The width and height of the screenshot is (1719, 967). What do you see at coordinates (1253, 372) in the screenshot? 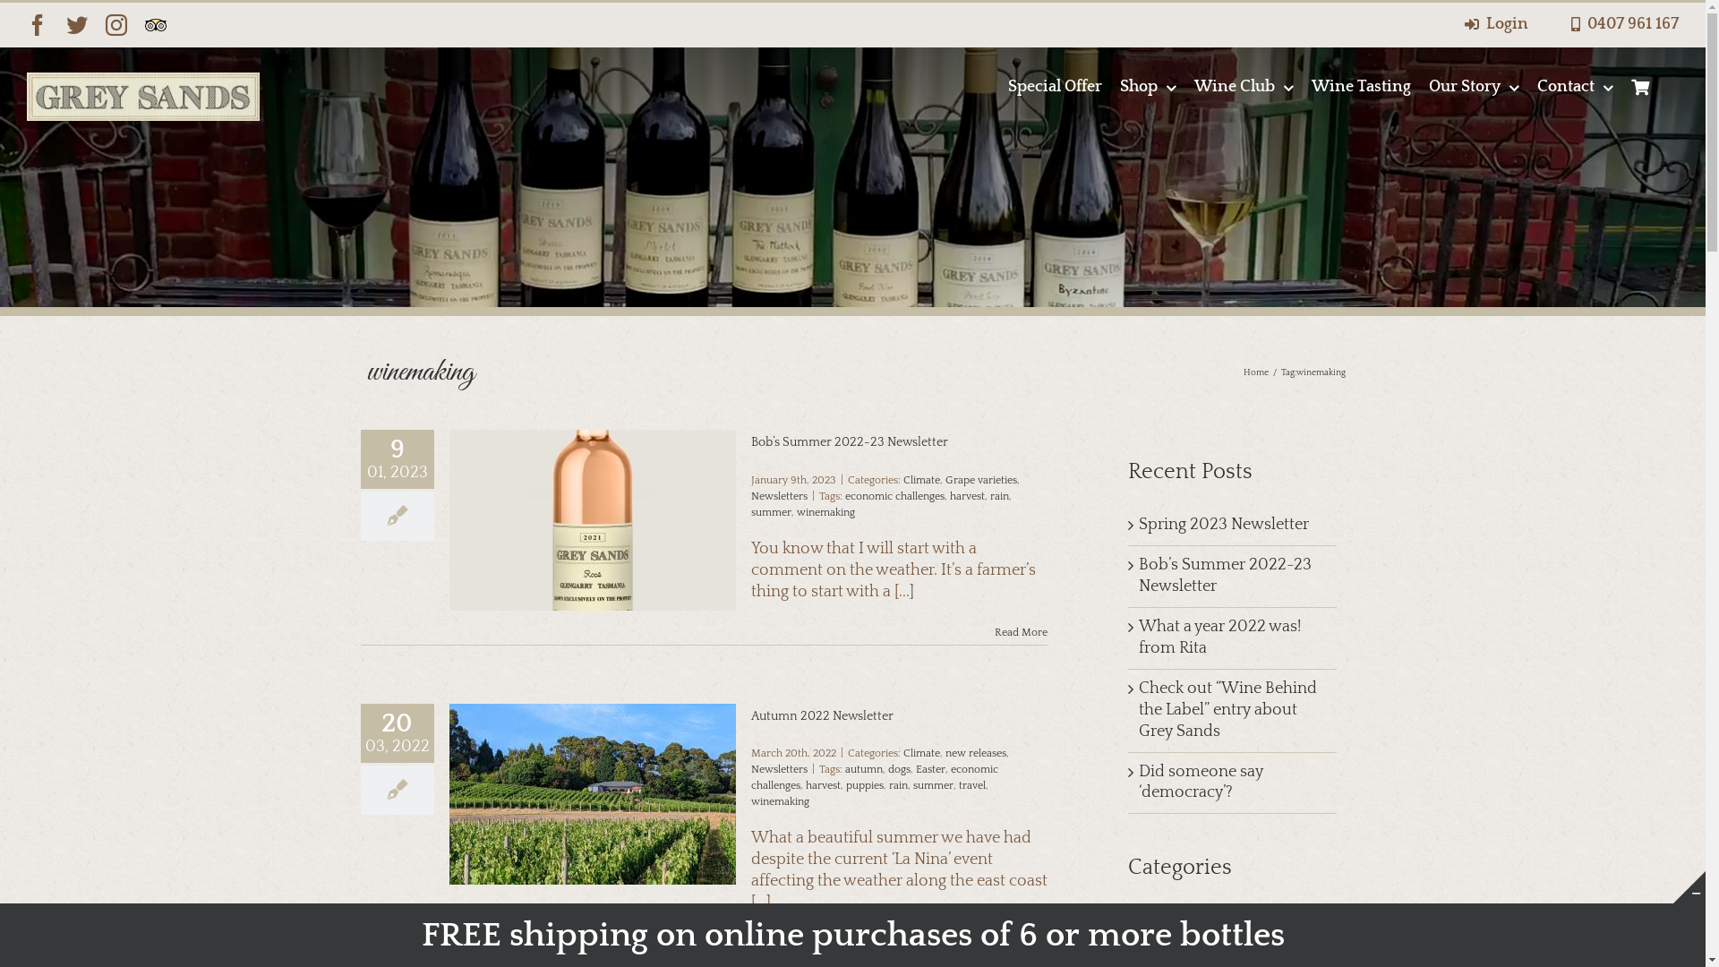
I see `'Home'` at bounding box center [1253, 372].